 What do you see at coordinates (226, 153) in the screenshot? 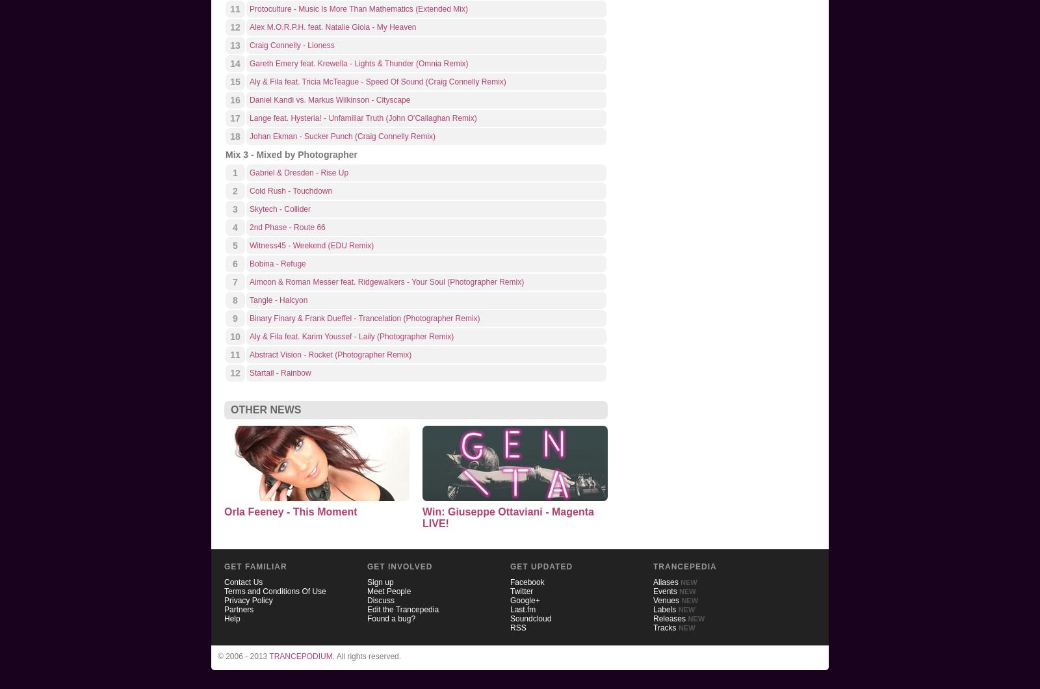
I see `'Mix 3 - Mixed by Photographer'` at bounding box center [226, 153].